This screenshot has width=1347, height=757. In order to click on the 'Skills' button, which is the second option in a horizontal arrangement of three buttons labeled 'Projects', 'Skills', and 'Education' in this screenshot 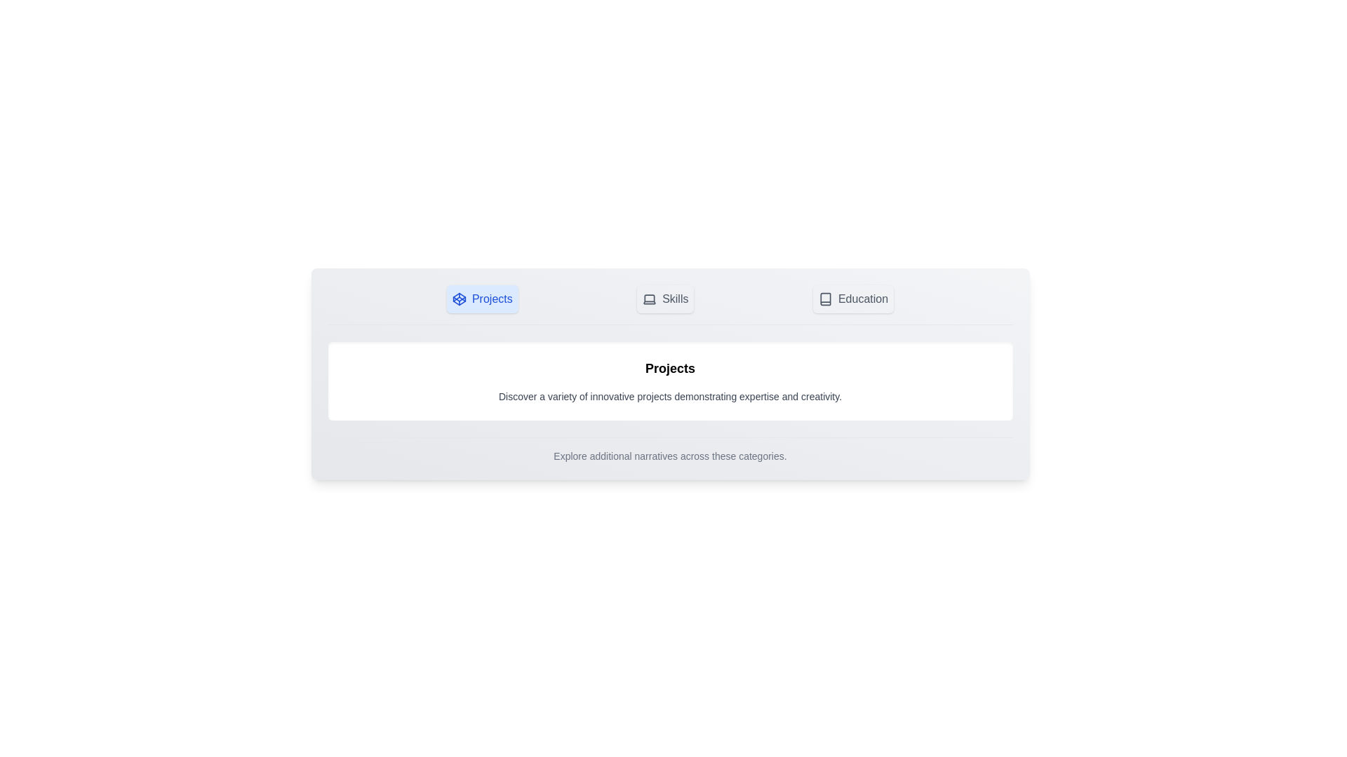, I will do `click(664, 299)`.